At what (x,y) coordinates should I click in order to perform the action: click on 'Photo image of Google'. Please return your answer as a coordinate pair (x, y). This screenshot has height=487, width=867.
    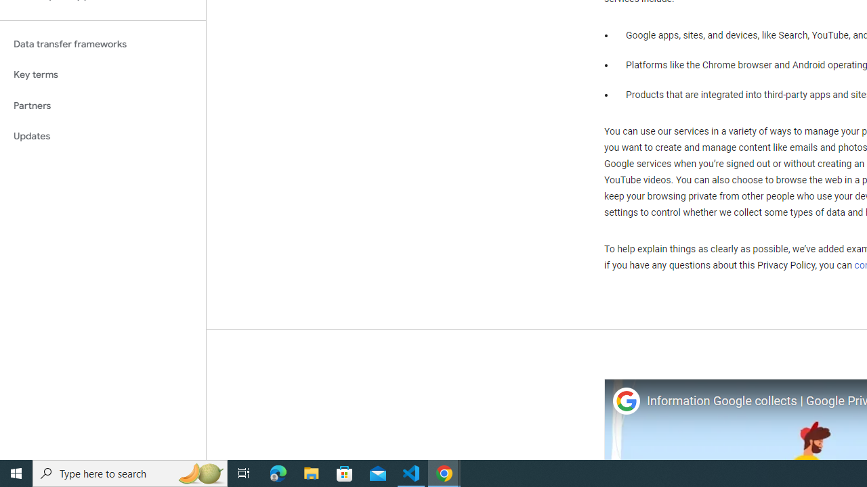
    Looking at the image, I should click on (625, 400).